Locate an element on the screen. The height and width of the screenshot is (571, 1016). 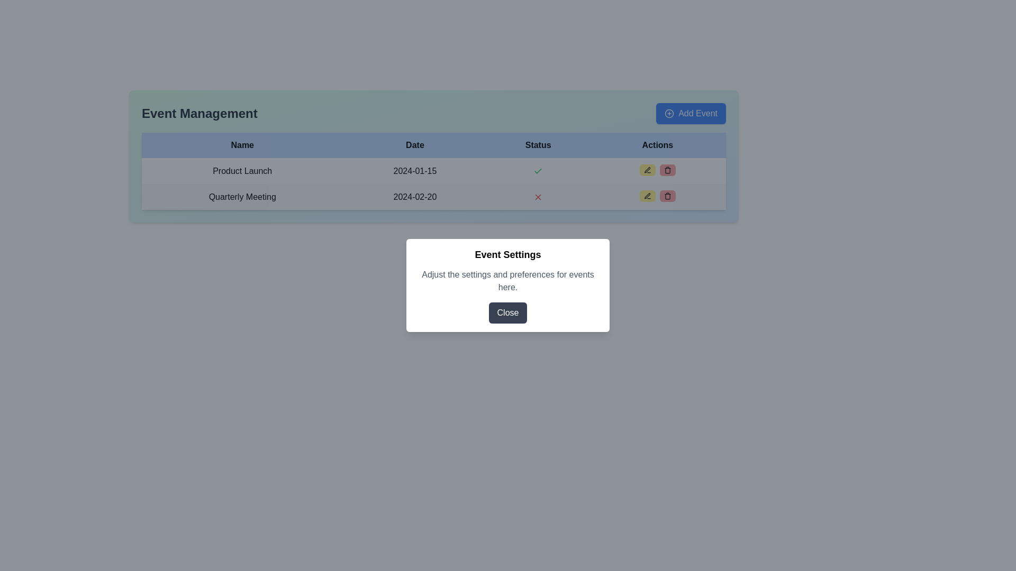
the red trash bin icon located in the last column of the second row of the table, which represents the bin's base and is aligned with a failed status (red X) is located at coordinates (667, 197).